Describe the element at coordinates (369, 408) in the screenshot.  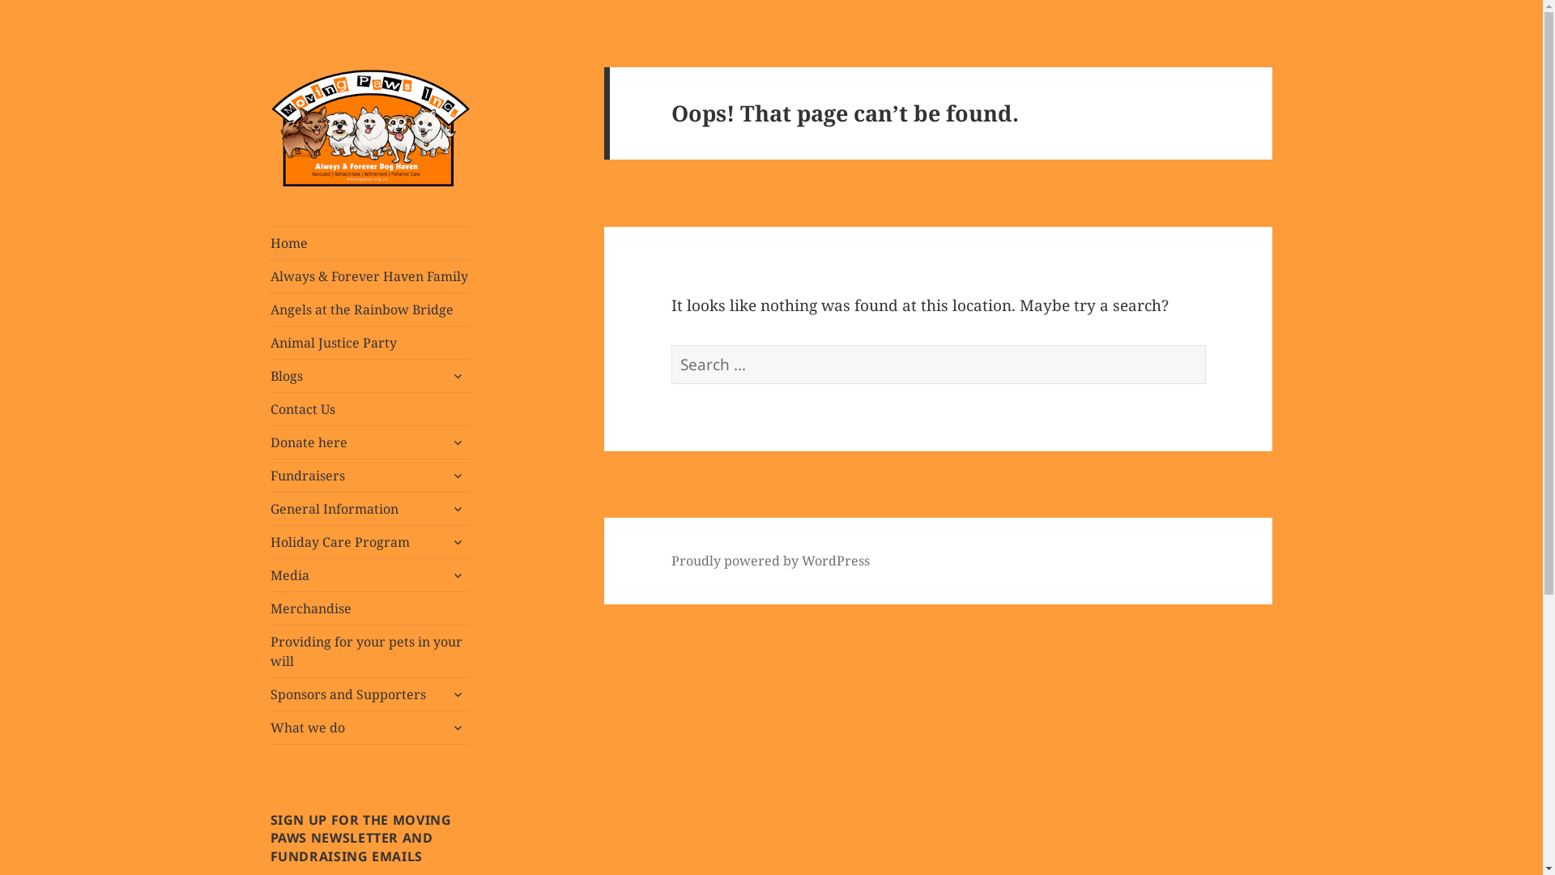
I see `'Contact Us'` at that location.